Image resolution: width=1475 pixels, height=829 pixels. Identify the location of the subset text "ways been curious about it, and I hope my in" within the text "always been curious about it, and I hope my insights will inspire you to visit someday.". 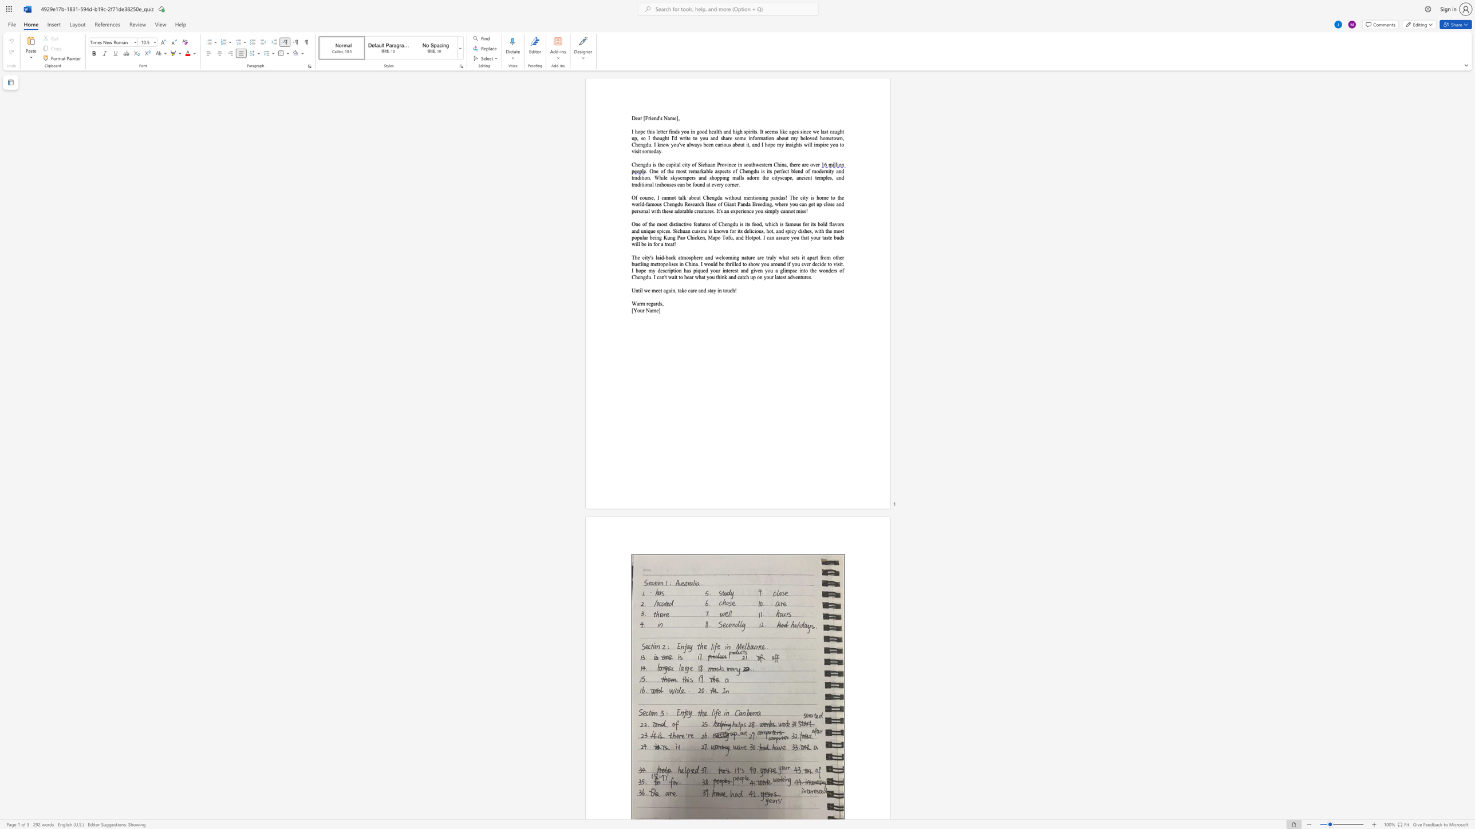
(690, 144).